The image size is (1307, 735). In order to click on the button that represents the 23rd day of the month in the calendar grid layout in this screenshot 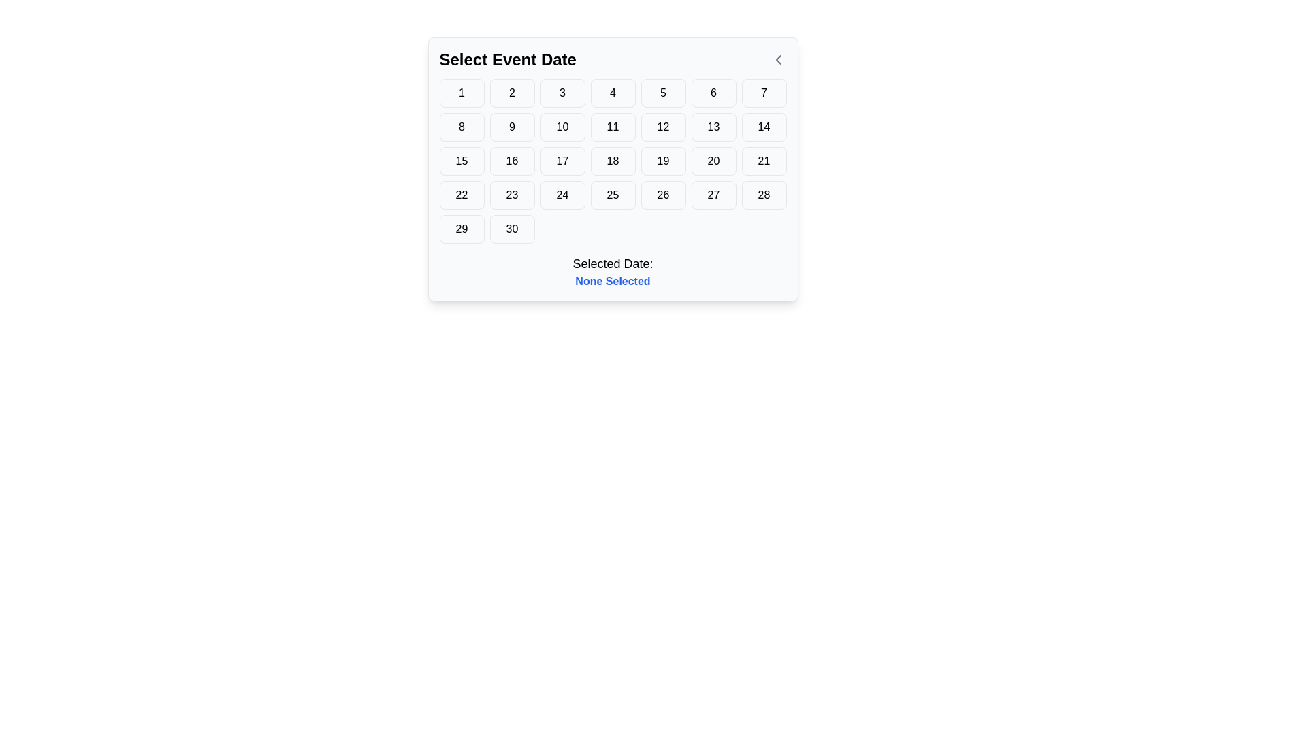, I will do `click(511, 195)`.